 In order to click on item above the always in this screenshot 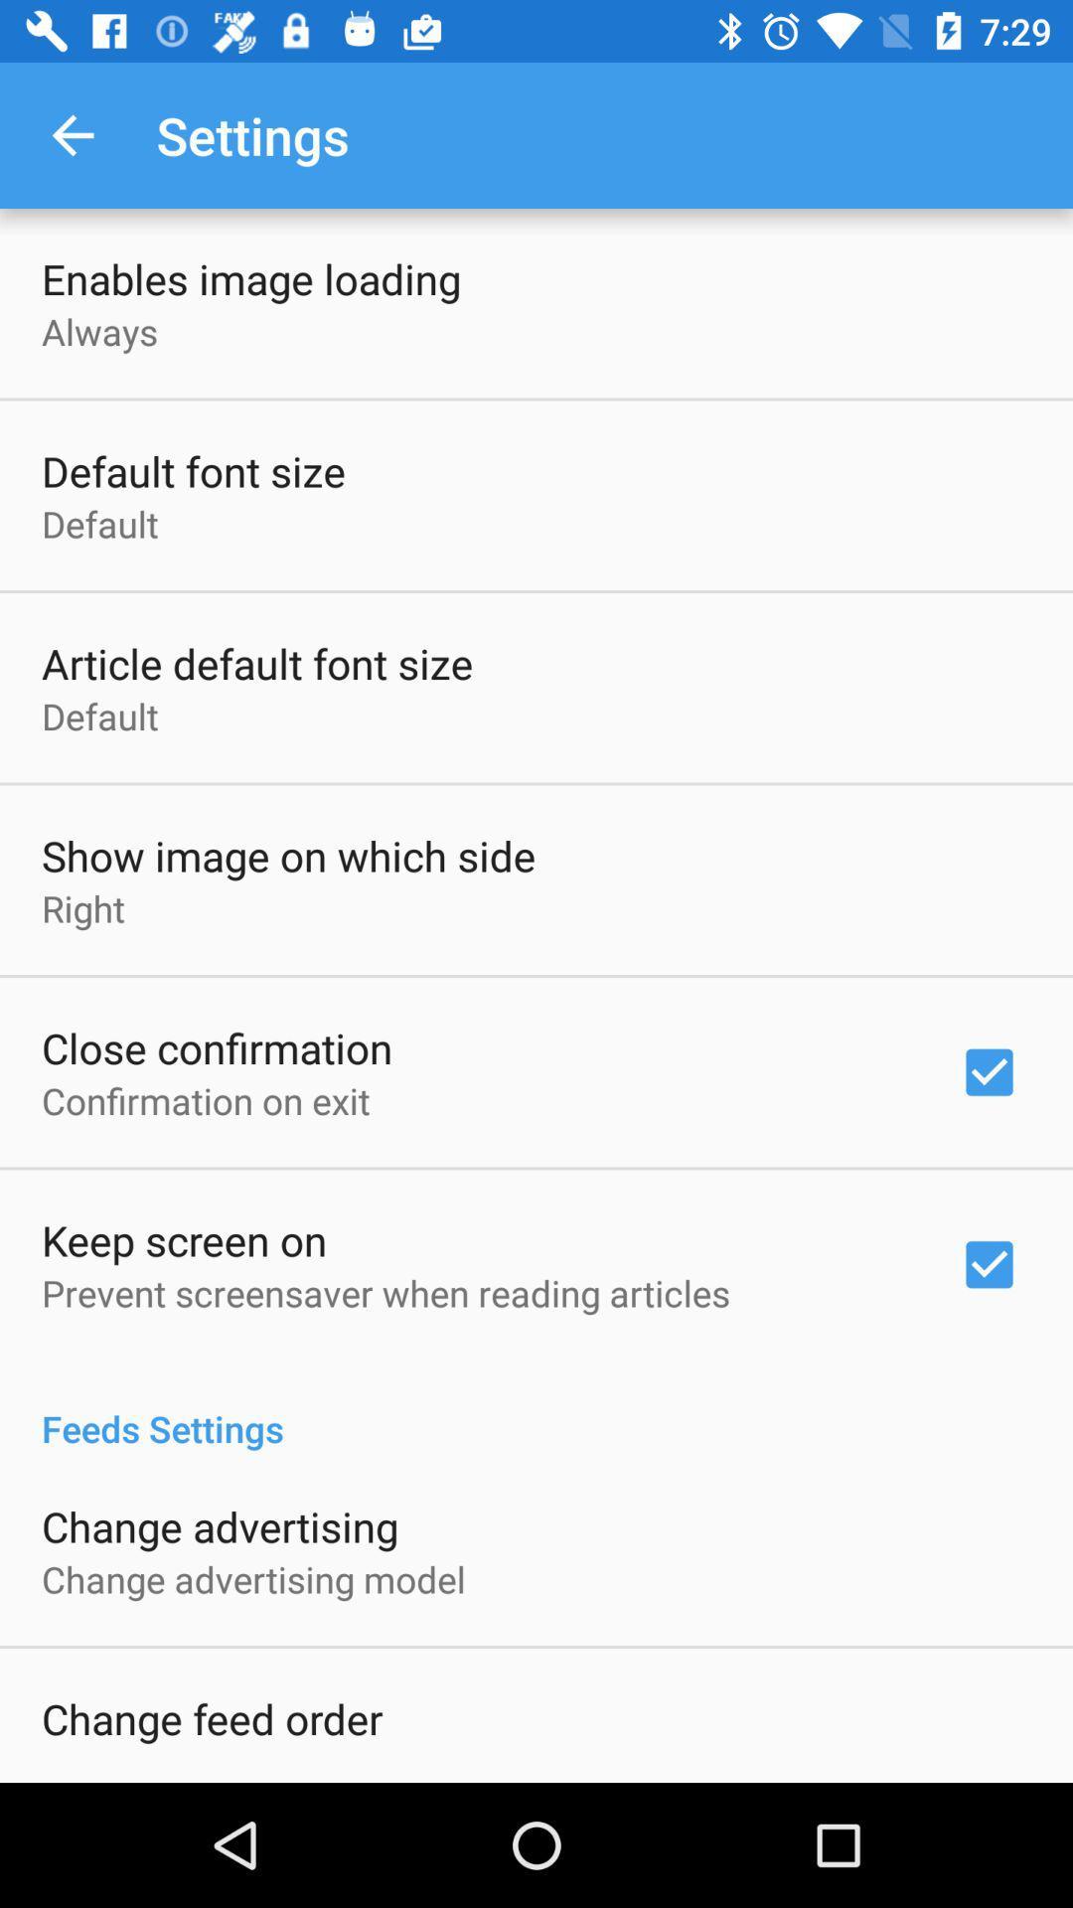, I will do `click(250, 277)`.